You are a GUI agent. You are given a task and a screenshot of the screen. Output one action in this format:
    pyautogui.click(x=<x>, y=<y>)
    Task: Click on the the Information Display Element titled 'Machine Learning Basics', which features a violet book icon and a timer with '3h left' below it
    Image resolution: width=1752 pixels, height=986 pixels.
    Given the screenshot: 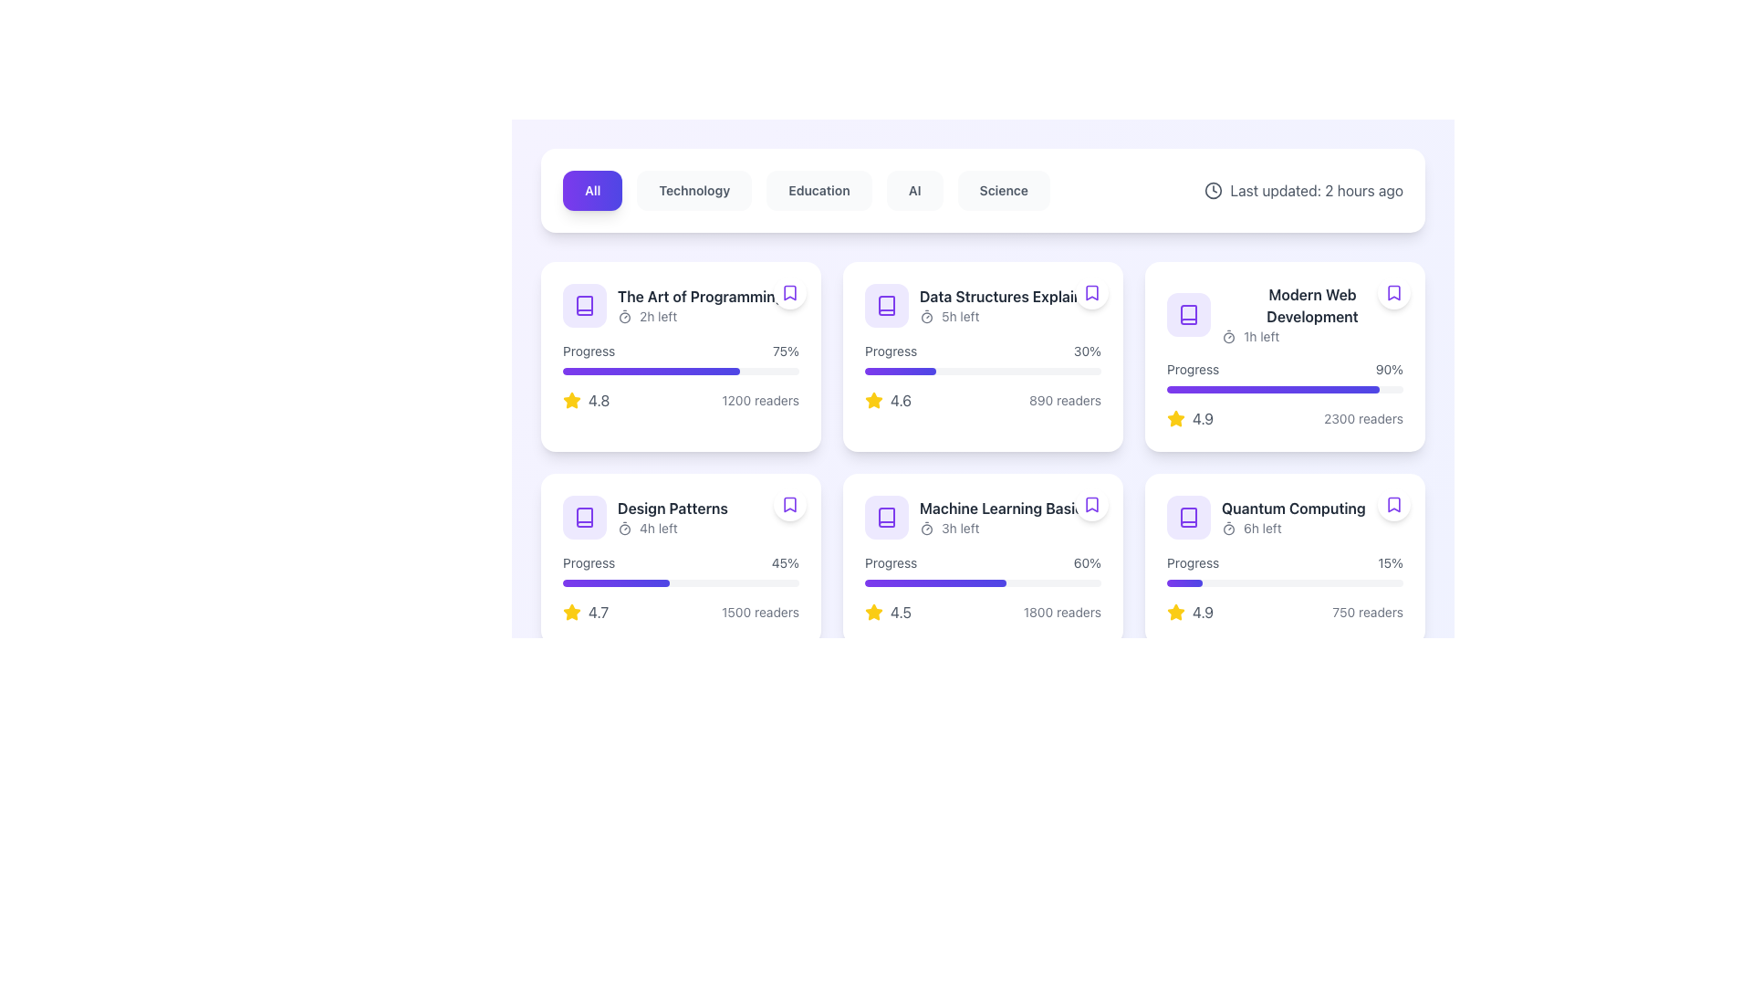 What is the action you would take?
    pyautogui.click(x=982, y=518)
    